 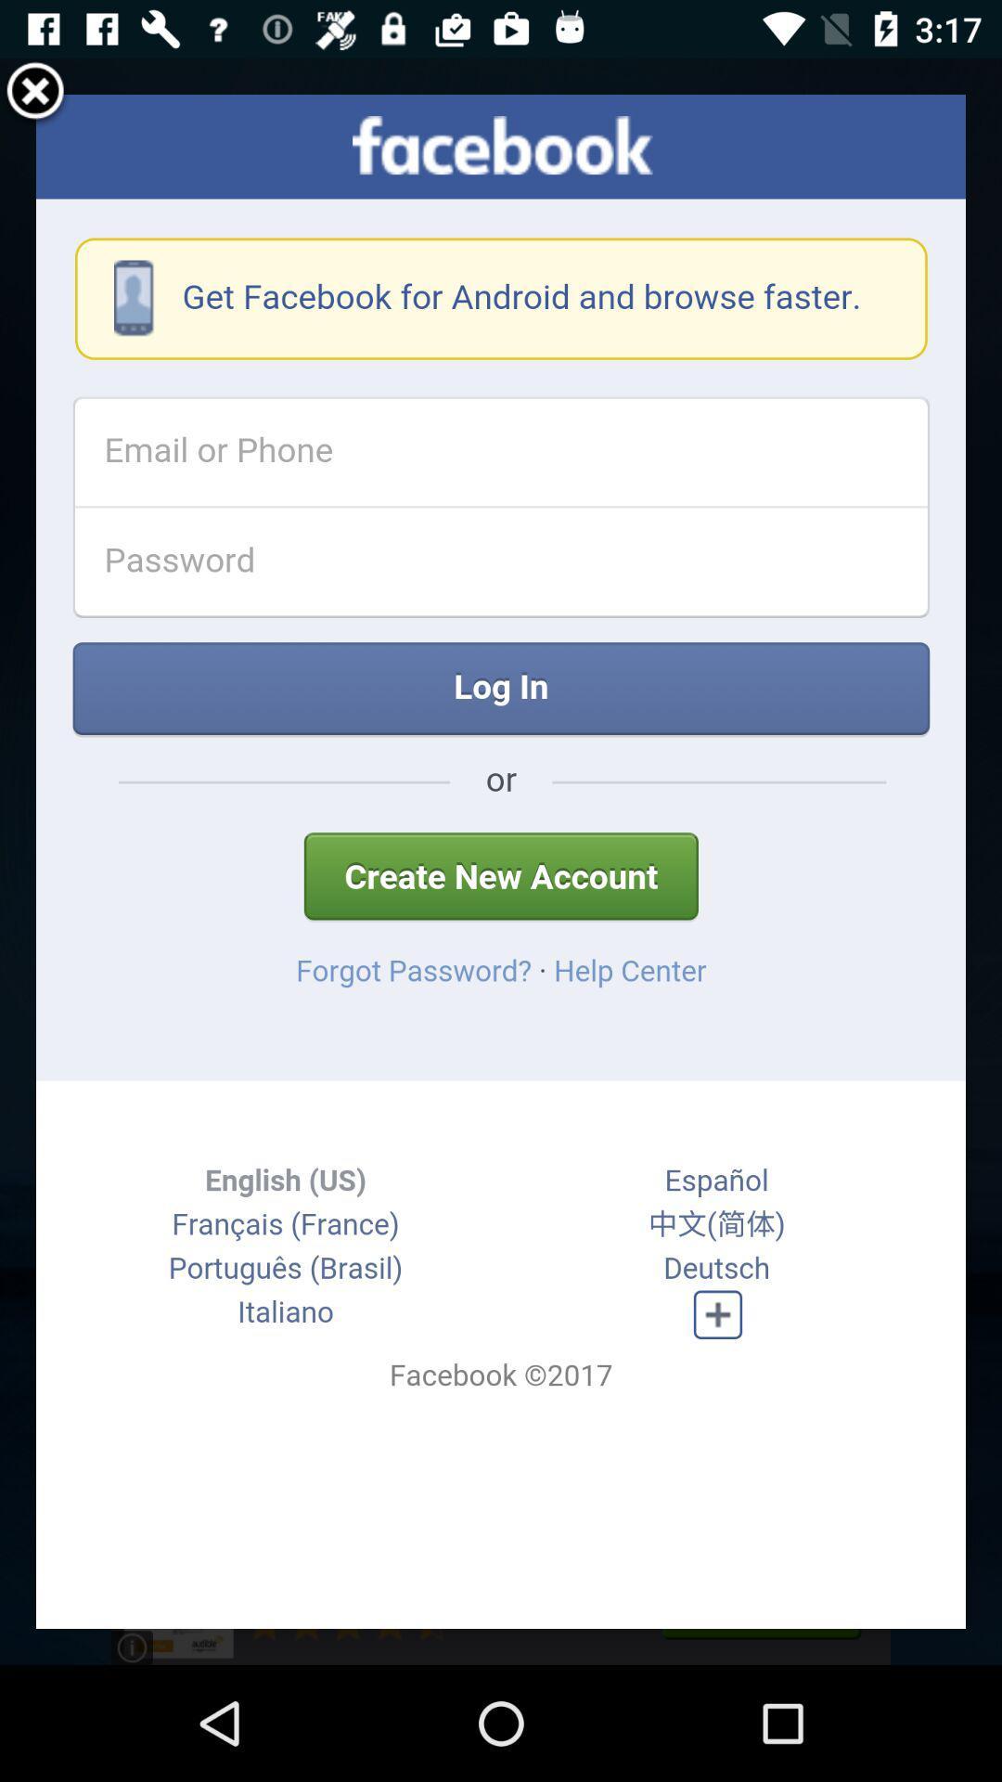 What do you see at coordinates (501, 860) in the screenshot?
I see `facebook page` at bounding box center [501, 860].